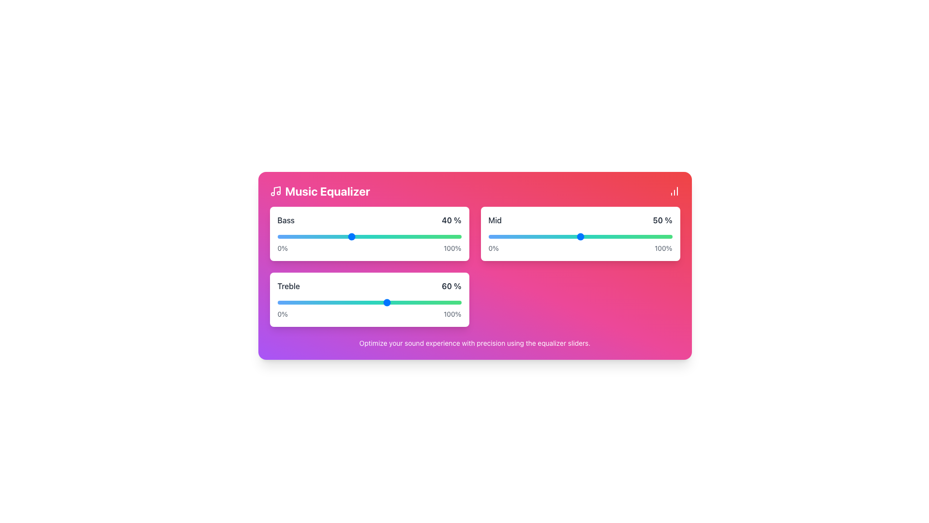 The image size is (929, 523). What do you see at coordinates (285, 220) in the screenshot?
I see `text label indicating the bass adjustment for the audio equalizer, which is located at the left side of the grouping, labeled 'Bass'` at bounding box center [285, 220].